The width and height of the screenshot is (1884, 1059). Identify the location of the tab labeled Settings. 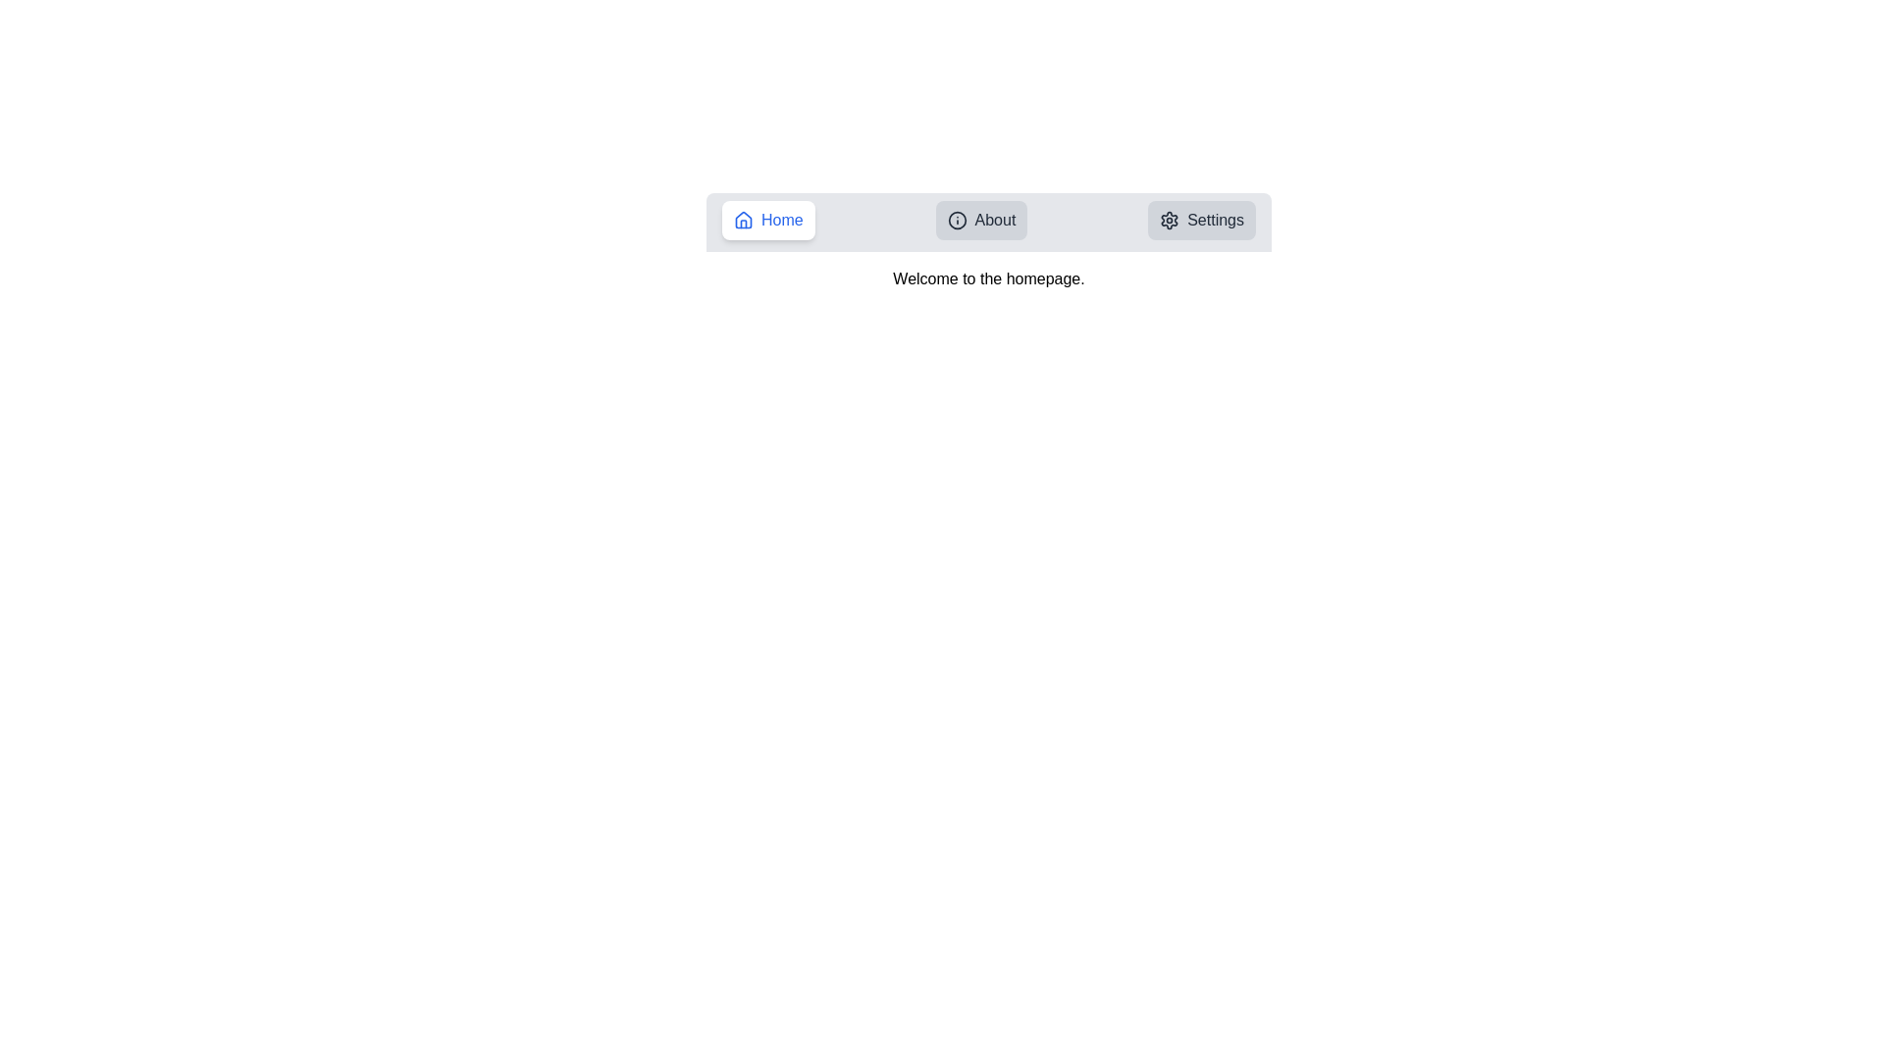
(1201, 220).